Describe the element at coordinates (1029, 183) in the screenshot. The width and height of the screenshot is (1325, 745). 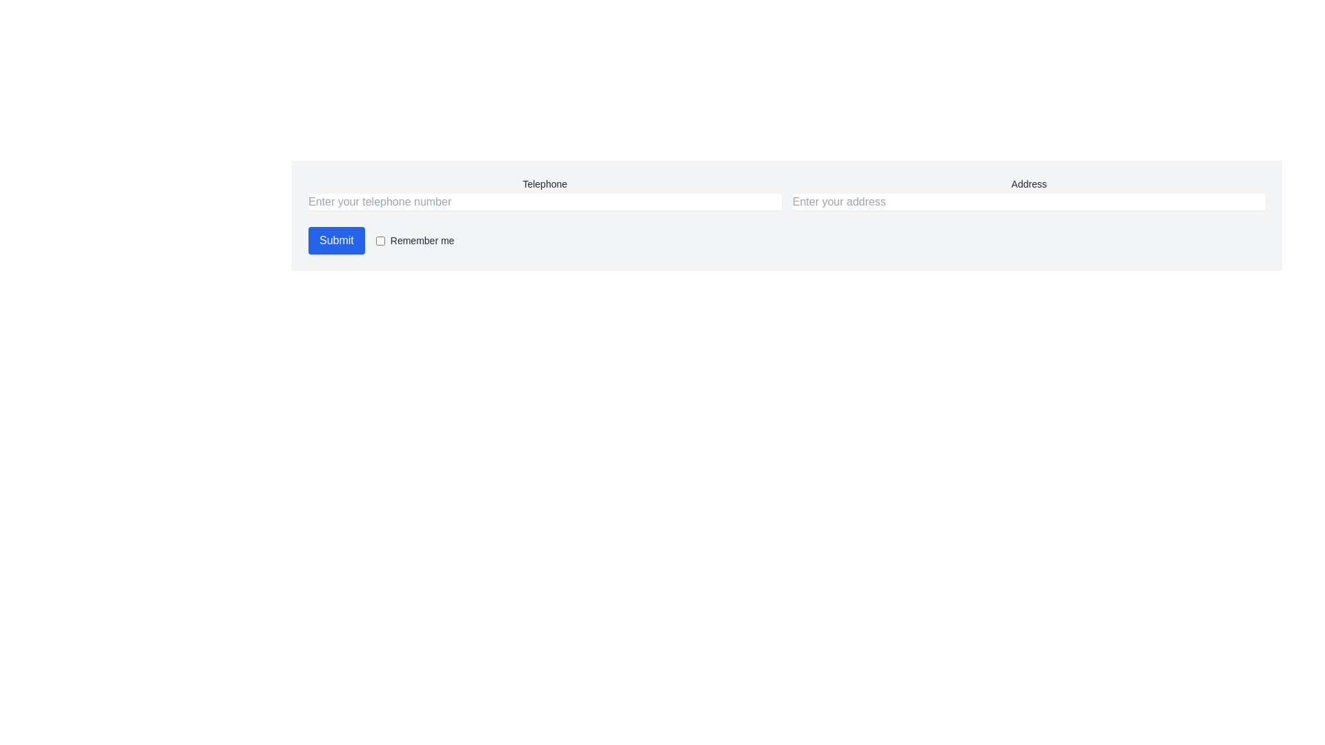
I see `the non-interactive text label that indicates the purpose of the adjacent input field below it, which is located near the top right of the interface` at that location.